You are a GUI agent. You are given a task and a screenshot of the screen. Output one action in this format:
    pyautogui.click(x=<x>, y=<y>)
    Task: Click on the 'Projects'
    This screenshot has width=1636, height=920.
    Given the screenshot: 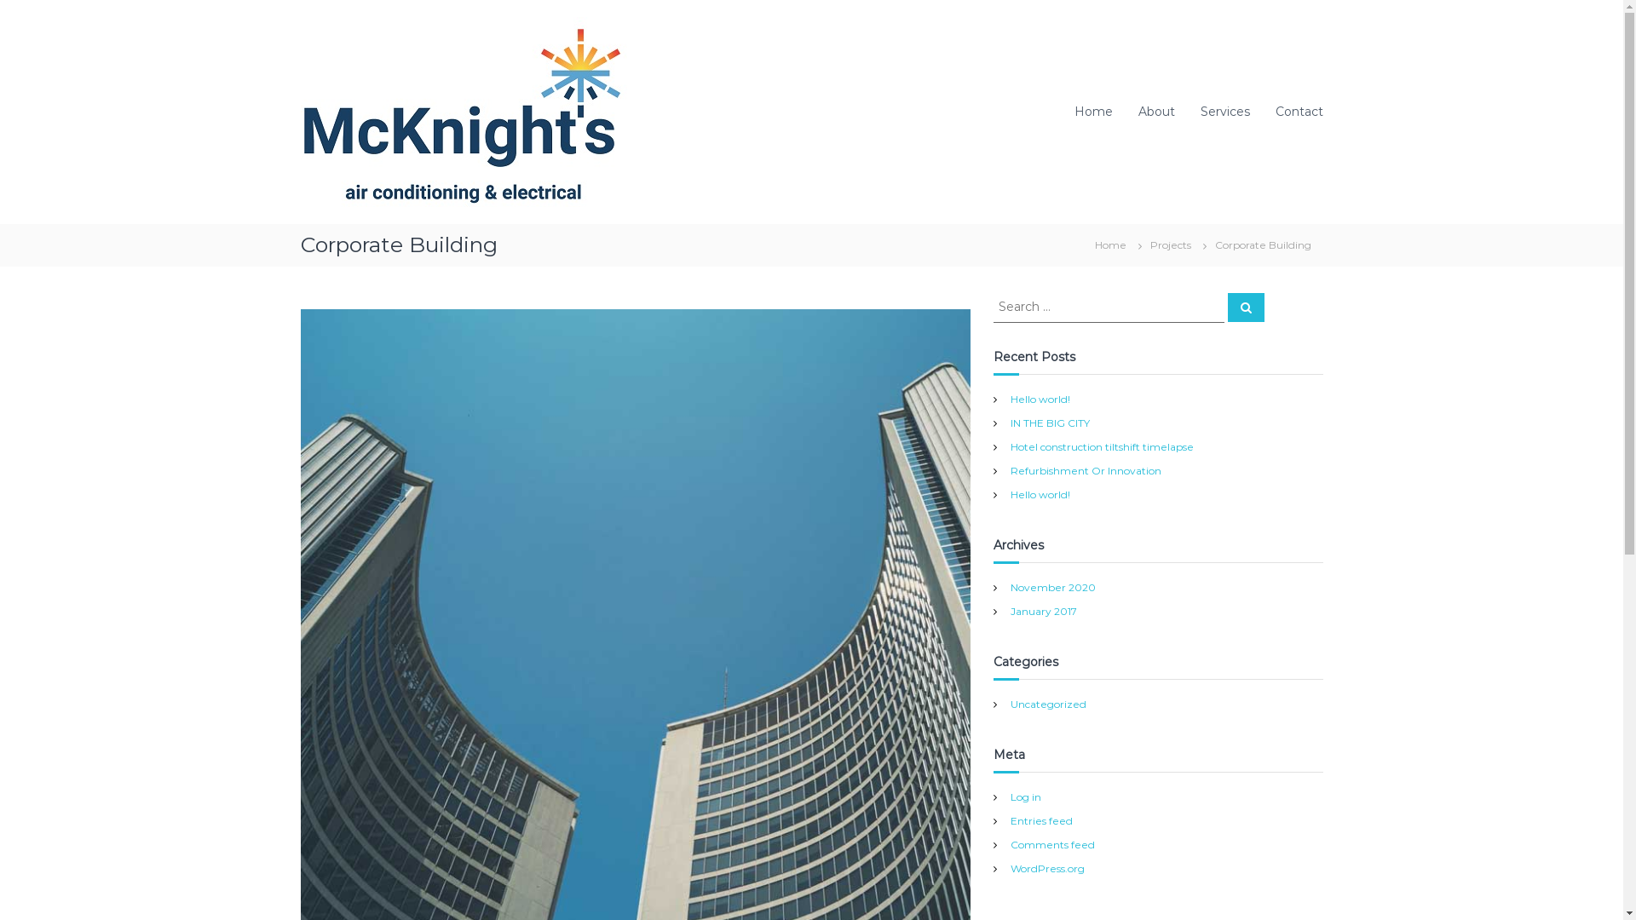 What is the action you would take?
    pyautogui.click(x=1169, y=244)
    